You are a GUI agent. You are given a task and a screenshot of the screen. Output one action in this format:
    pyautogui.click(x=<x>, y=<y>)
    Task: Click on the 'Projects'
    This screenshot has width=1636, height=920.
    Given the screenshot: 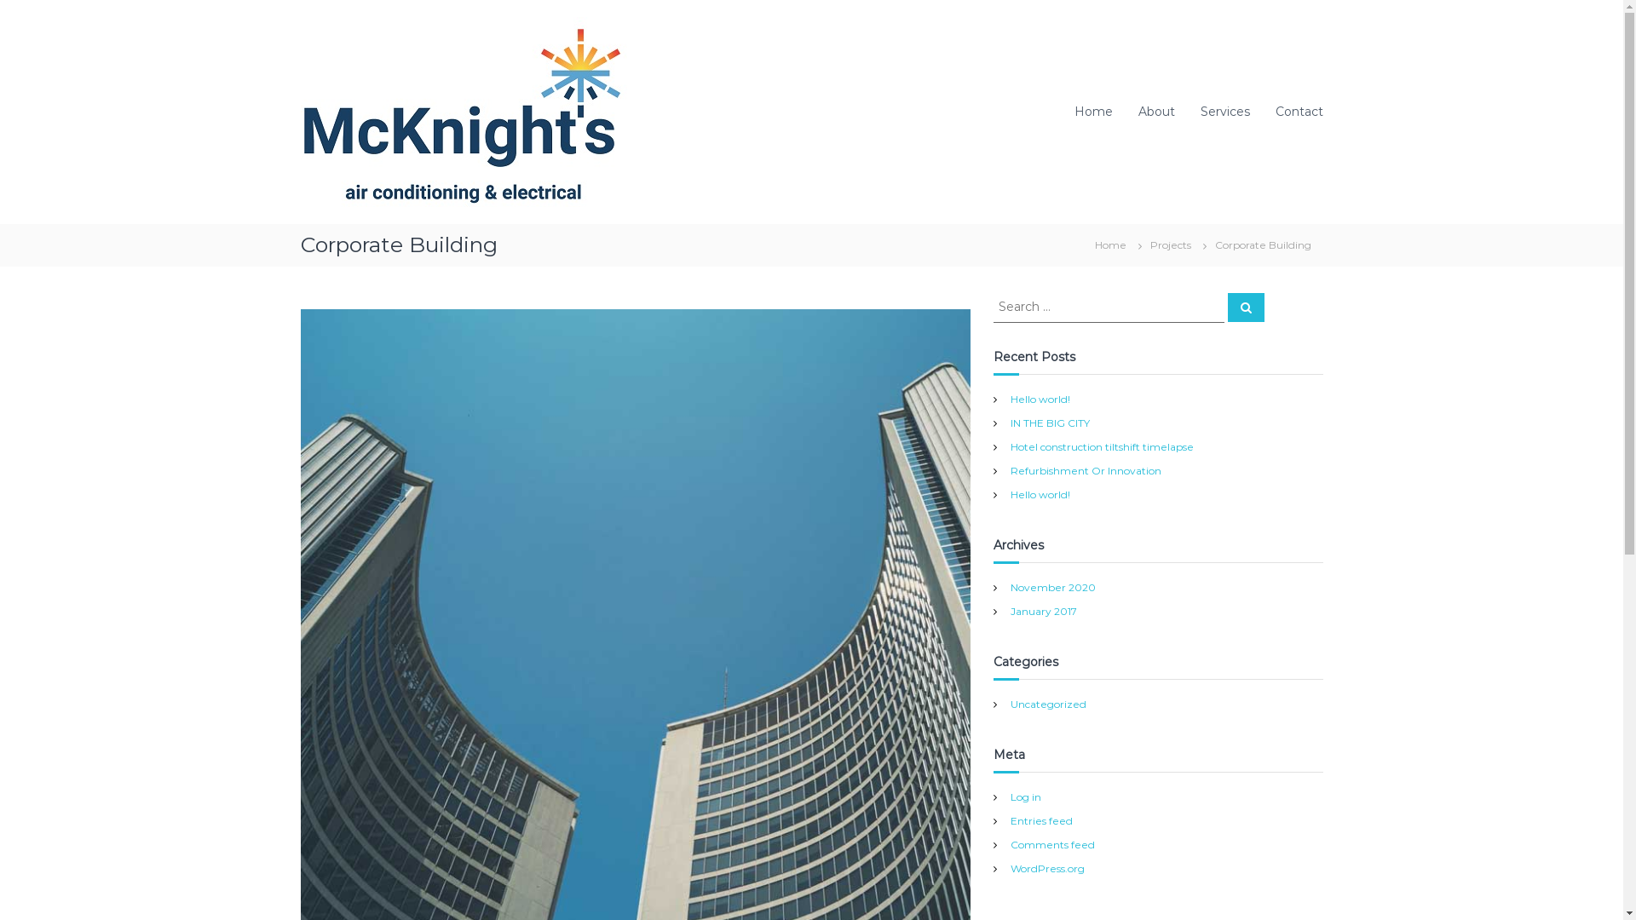 What is the action you would take?
    pyautogui.click(x=1169, y=244)
    